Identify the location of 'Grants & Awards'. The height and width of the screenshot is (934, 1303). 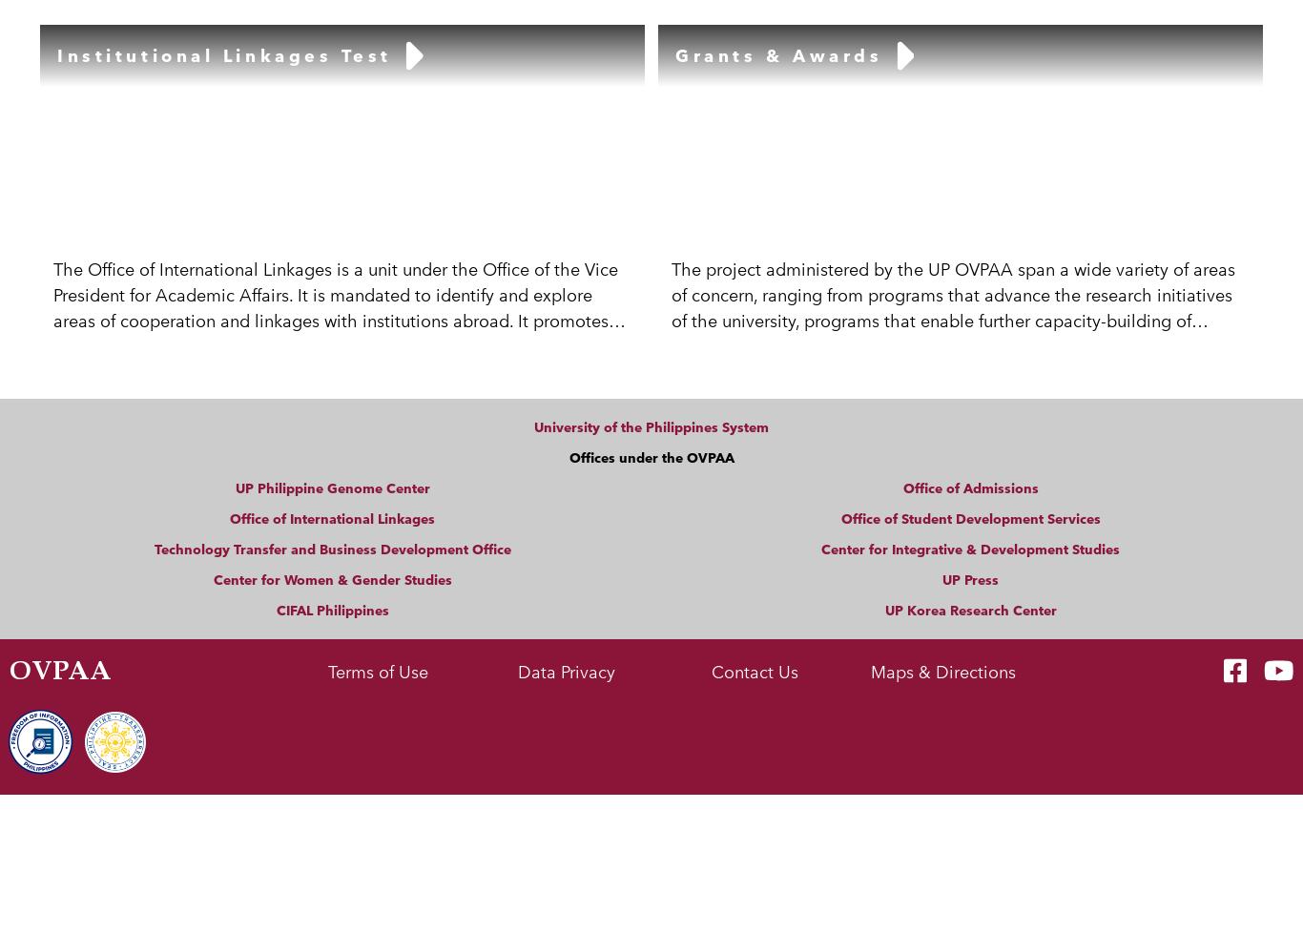
(777, 55).